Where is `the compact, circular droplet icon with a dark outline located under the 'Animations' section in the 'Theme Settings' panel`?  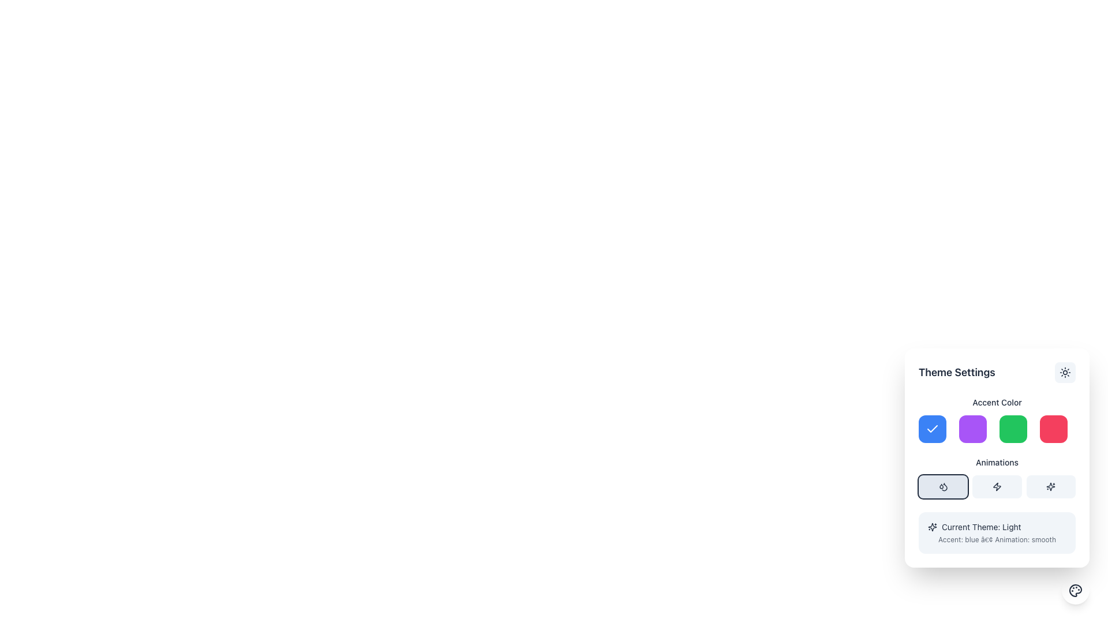 the compact, circular droplet icon with a dark outline located under the 'Animations' section in the 'Theme Settings' panel is located at coordinates (943, 487).